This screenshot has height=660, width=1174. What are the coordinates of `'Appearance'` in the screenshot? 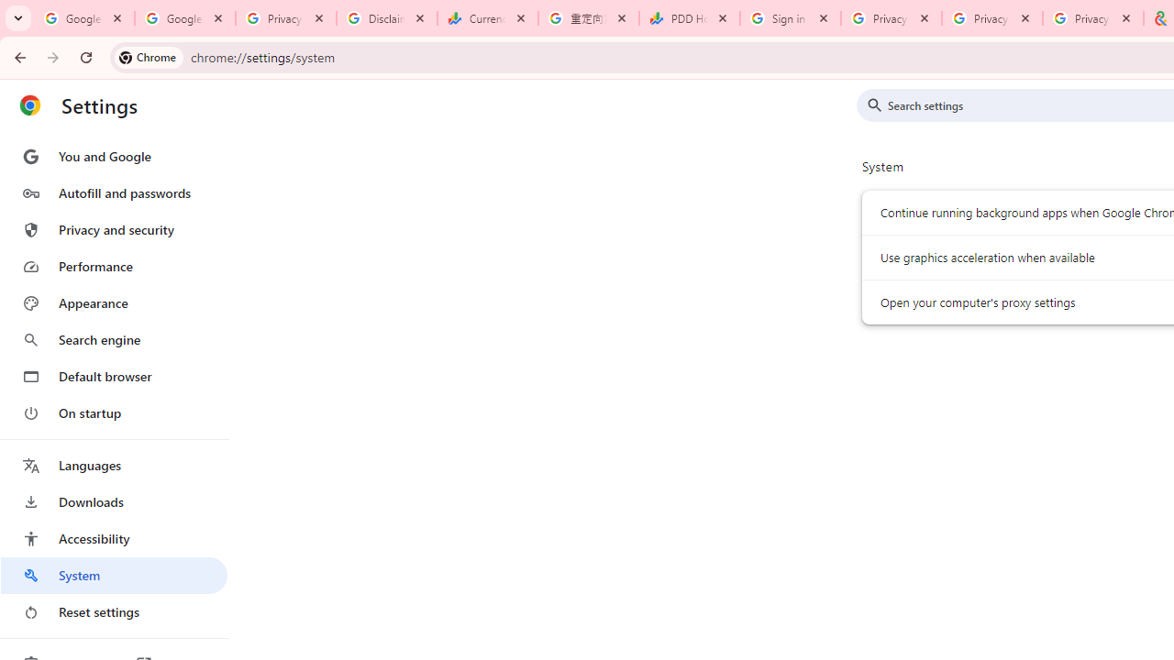 It's located at (113, 302).